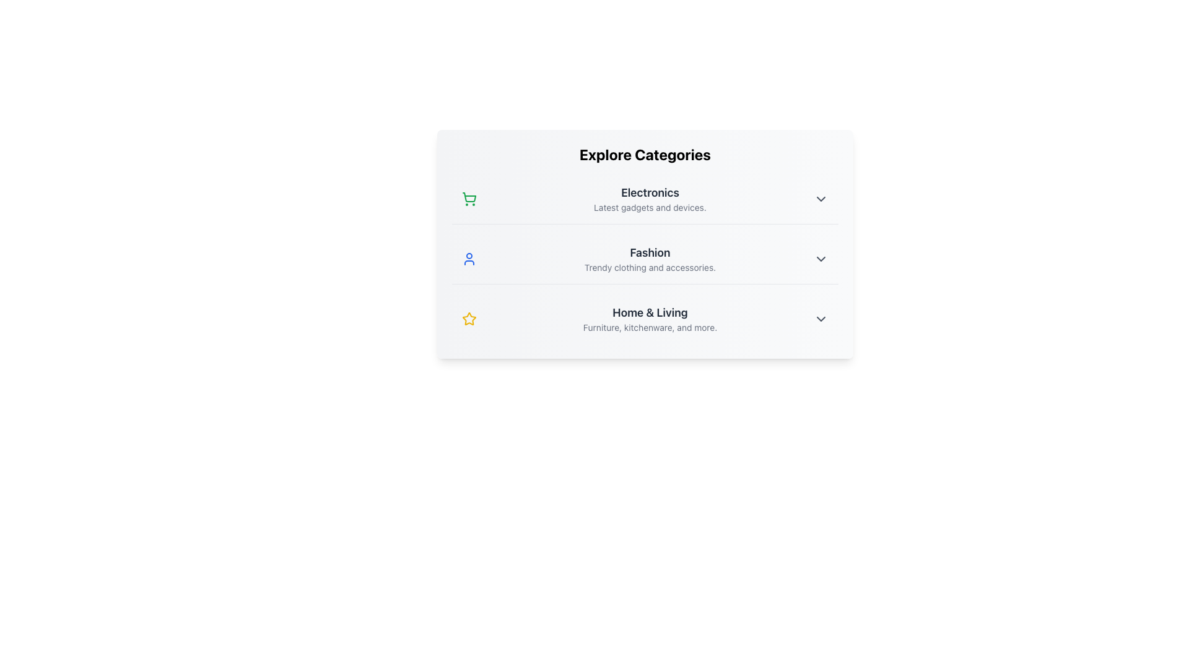 The height and width of the screenshot is (668, 1189). I want to click on the Electronics category icon located to the left of the row labeled 'Electronics', so click(469, 198).